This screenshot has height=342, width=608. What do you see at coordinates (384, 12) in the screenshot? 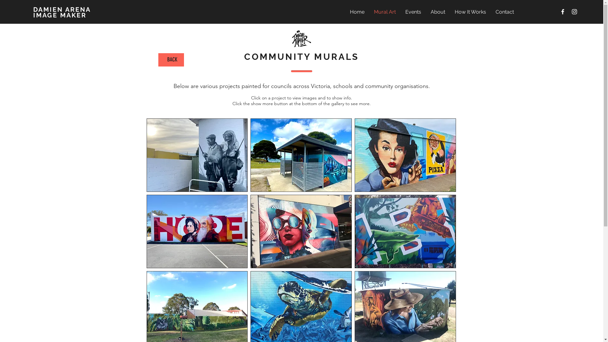
I see `'Mural Art'` at bounding box center [384, 12].